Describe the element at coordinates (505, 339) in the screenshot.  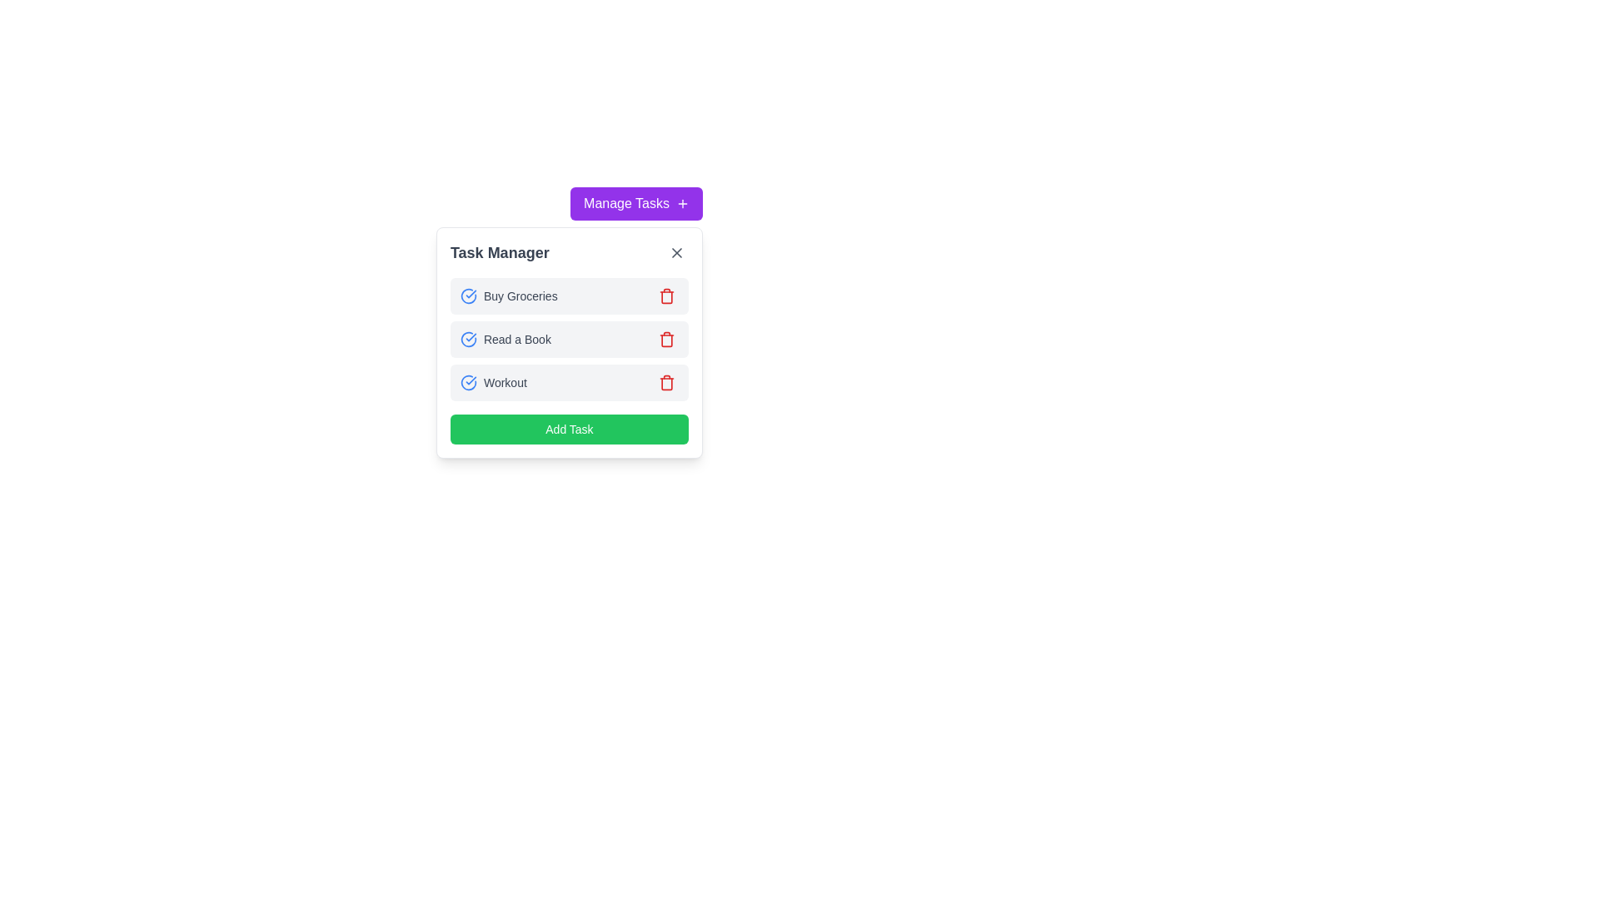
I see `the textual label for the task 'Read a Book' in the second row of the task list within the task manager dialog box` at that location.